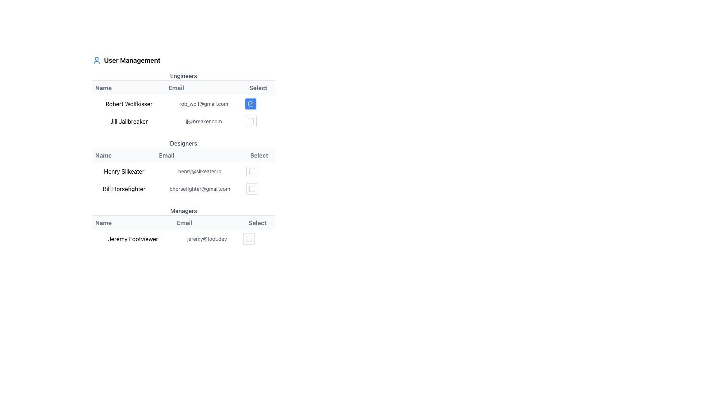 The image size is (701, 394). Describe the element at coordinates (184, 222) in the screenshot. I see `the text label group in the 'Managers' section of the user management interface` at that location.